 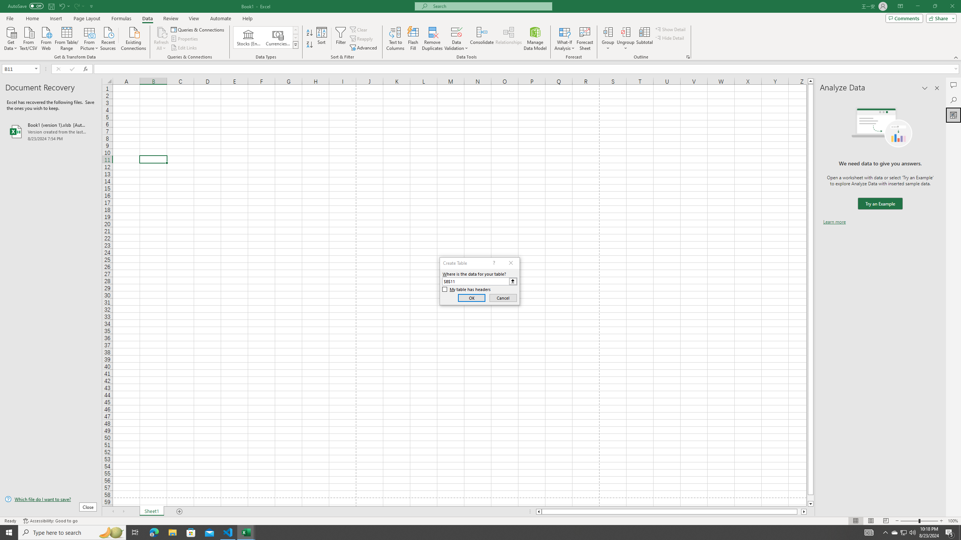 What do you see at coordinates (92, 6) in the screenshot?
I see `'Customize Quick Access Toolbar'` at bounding box center [92, 6].